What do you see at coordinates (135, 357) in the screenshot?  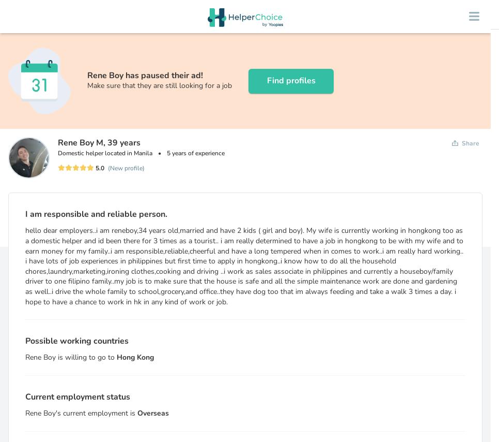 I see `'Hong Kong'` at bounding box center [135, 357].